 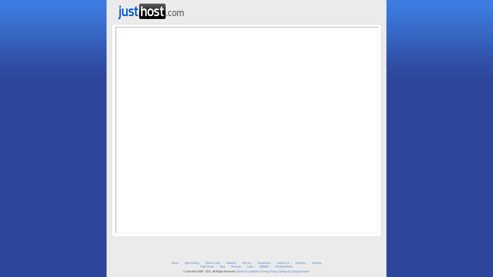 I want to click on 'Home', so click(x=175, y=263).